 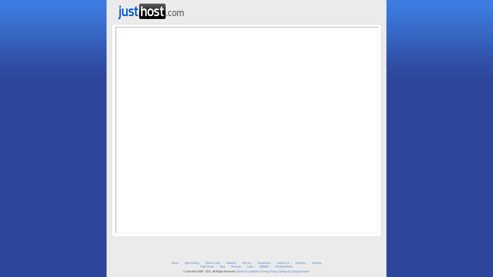 I want to click on 'Home', so click(x=175, y=263).